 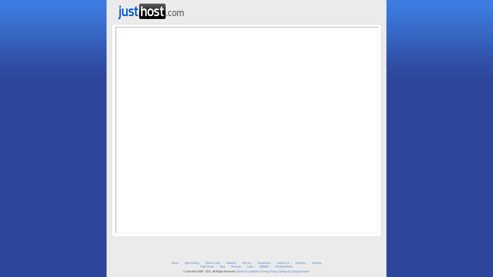 I want to click on 'Home', so click(x=175, y=263).